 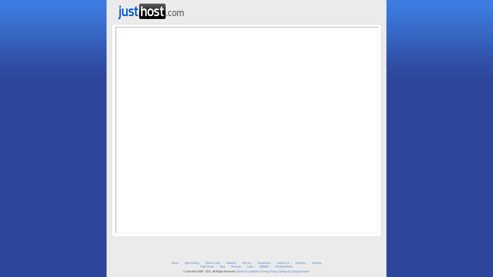 I want to click on 'Home', so click(x=175, y=263).